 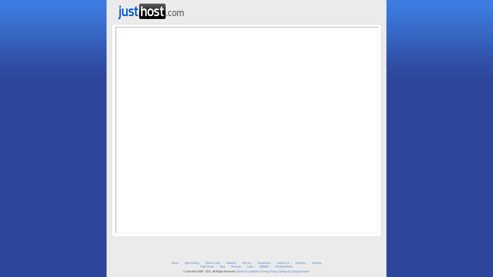 I want to click on 'Home', so click(x=175, y=263).